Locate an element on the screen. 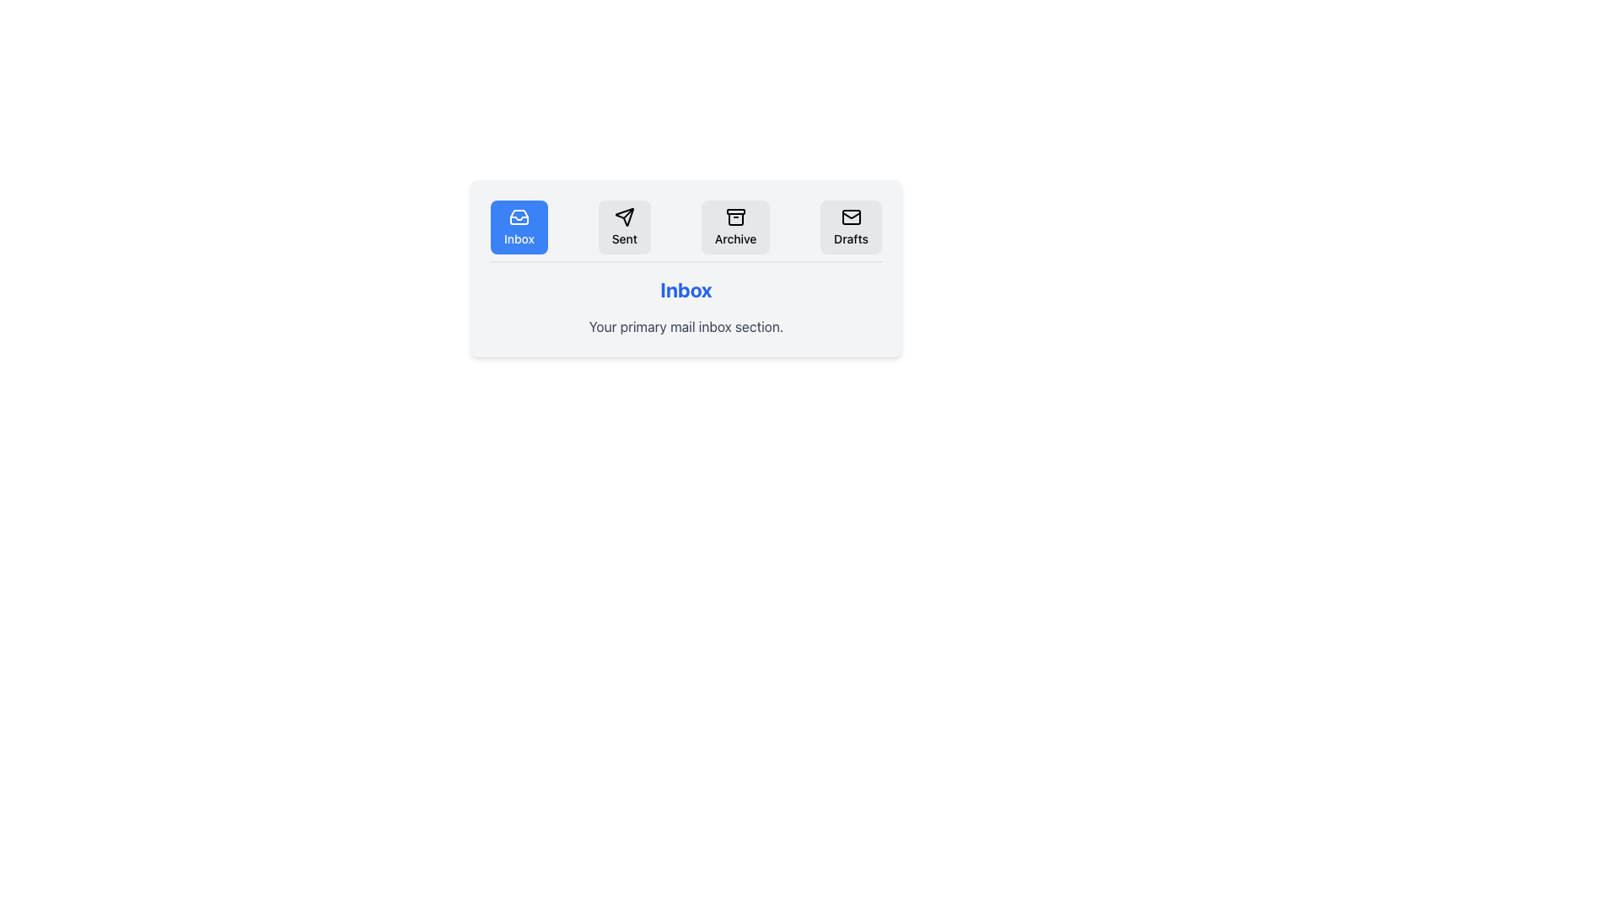 Image resolution: width=1619 pixels, height=910 pixels. the 'Inbox' navigation button with a blue background is located at coordinates (518, 217).